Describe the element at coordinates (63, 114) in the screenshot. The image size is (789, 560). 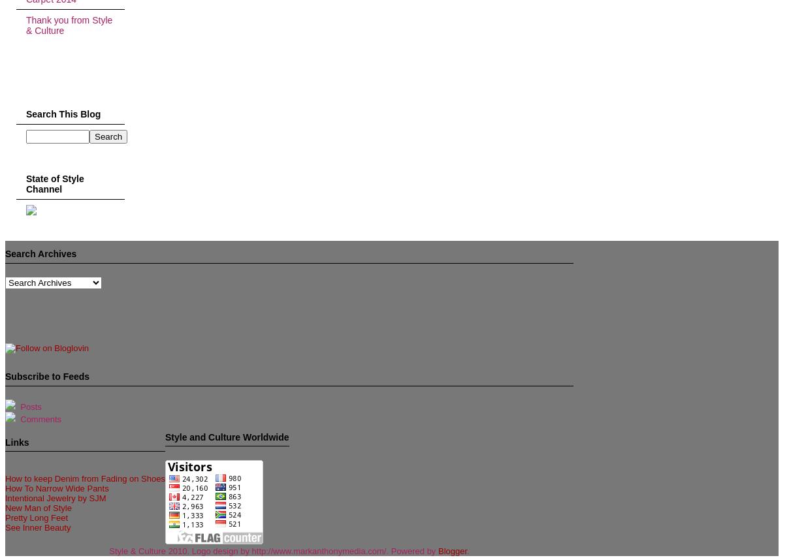
I see `'Search This Blog'` at that location.